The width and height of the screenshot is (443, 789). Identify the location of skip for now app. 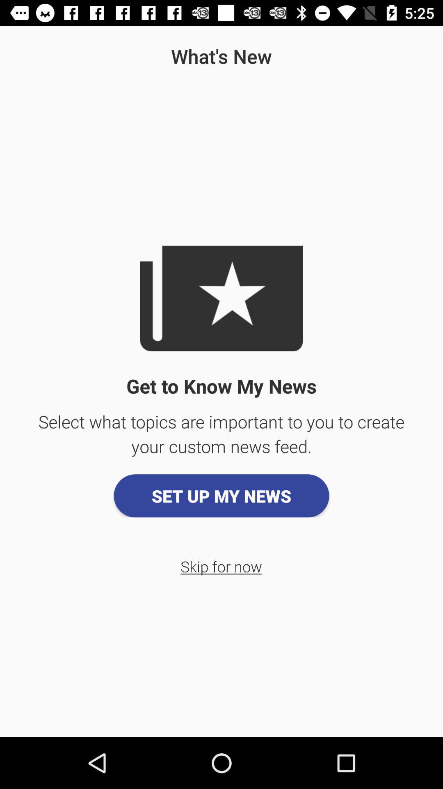
(221, 566).